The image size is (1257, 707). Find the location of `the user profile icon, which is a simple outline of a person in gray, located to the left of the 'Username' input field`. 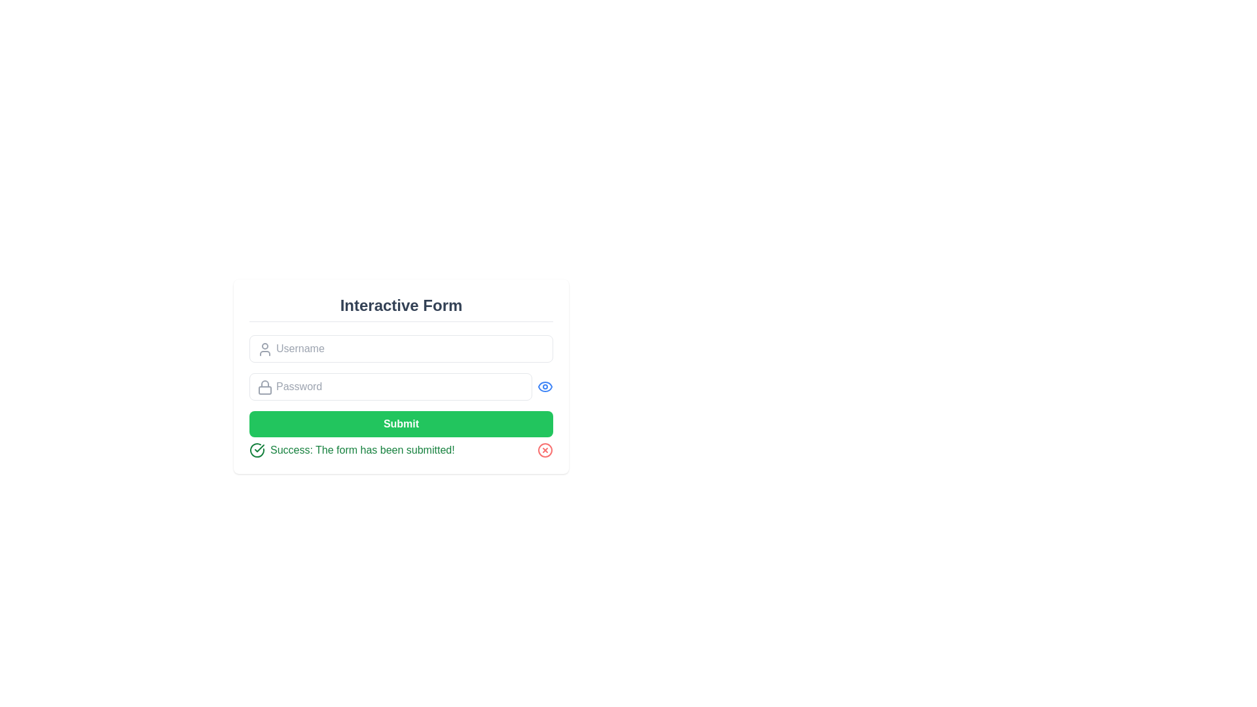

the user profile icon, which is a simple outline of a person in gray, located to the left of the 'Username' input field is located at coordinates (264, 348).